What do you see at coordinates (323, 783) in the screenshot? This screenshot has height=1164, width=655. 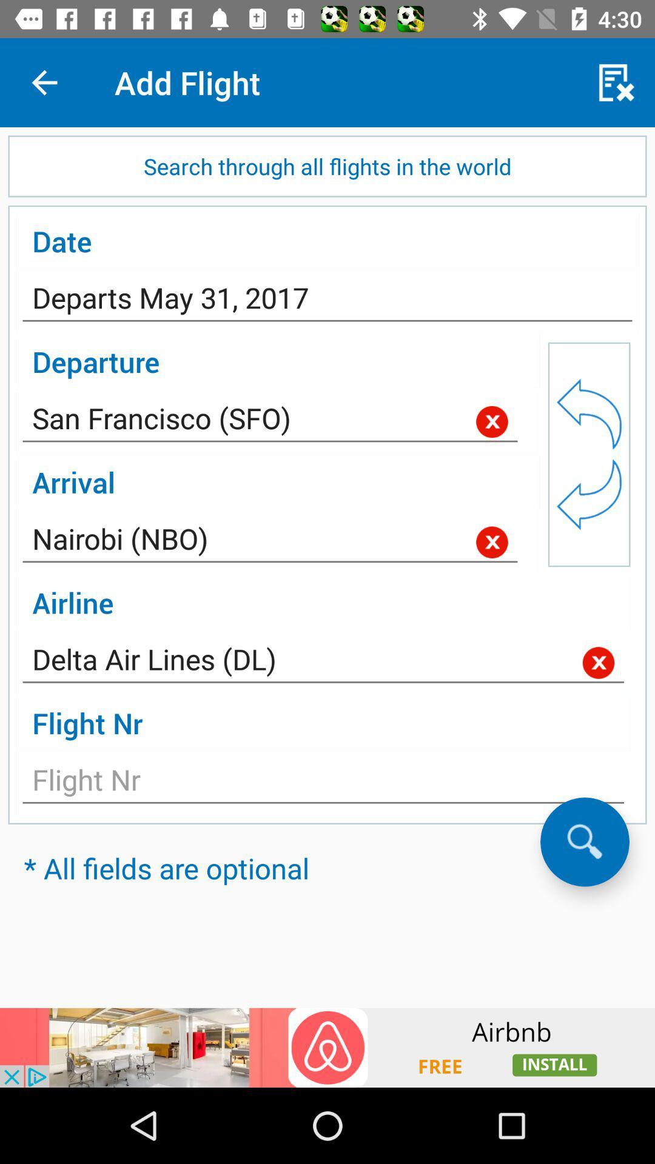 I see `flight tracker` at bounding box center [323, 783].